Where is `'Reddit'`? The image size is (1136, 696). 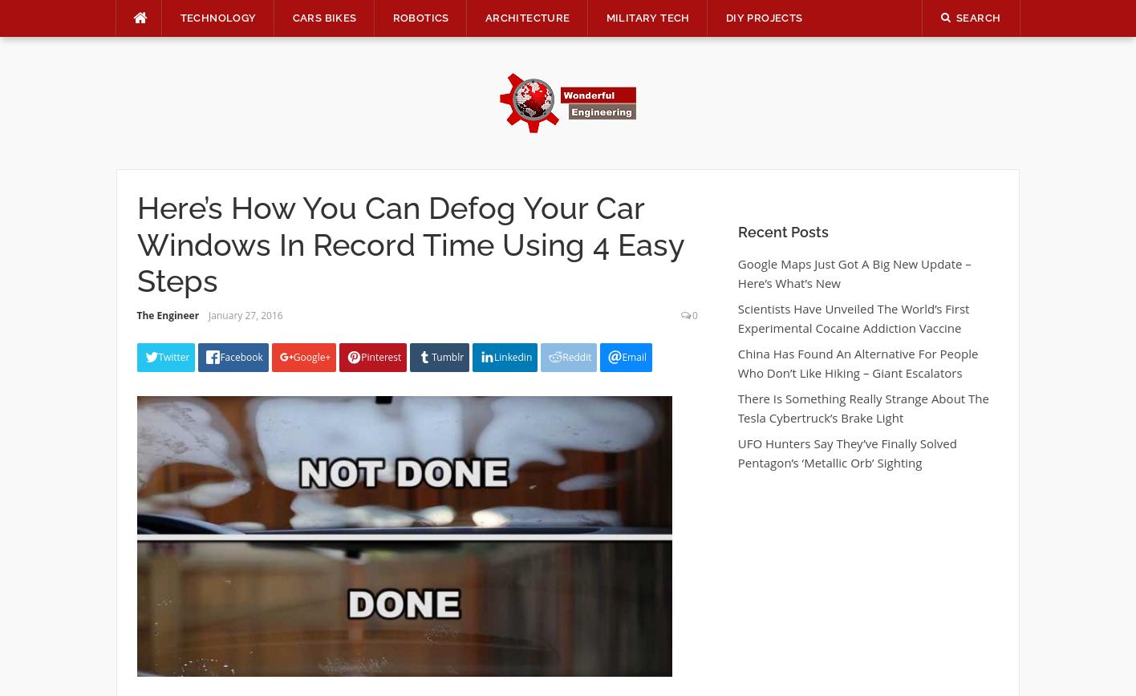 'Reddit' is located at coordinates (577, 356).